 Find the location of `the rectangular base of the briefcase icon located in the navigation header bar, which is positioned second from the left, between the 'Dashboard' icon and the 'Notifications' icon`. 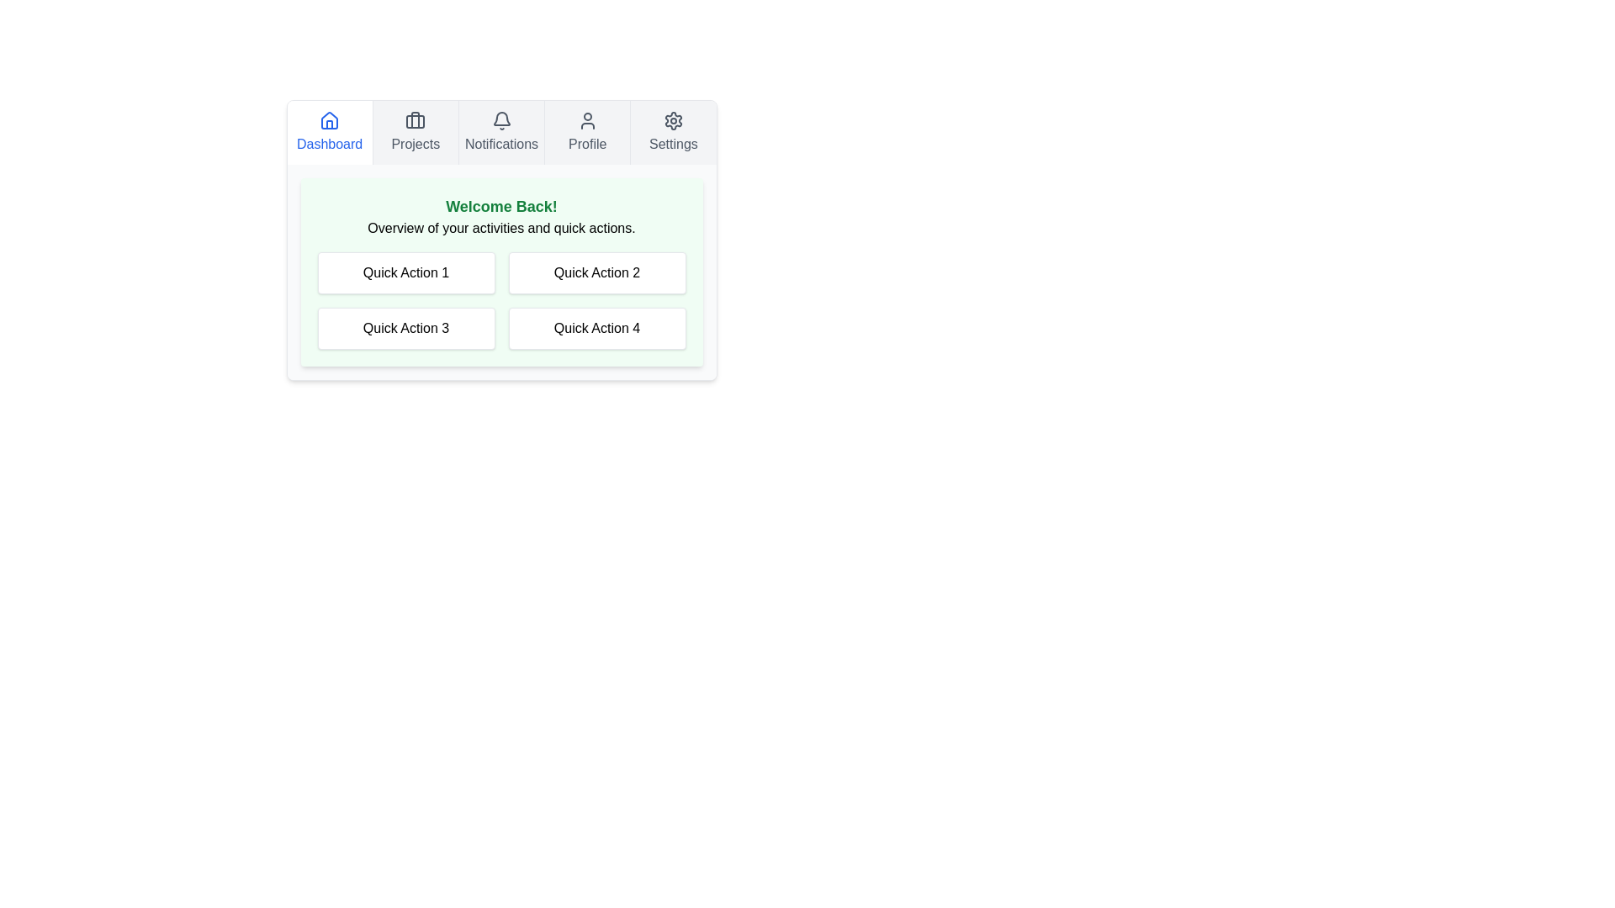

the rectangular base of the briefcase icon located in the navigation header bar, which is positioned second from the left, between the 'Dashboard' icon and the 'Notifications' icon is located at coordinates (416, 121).